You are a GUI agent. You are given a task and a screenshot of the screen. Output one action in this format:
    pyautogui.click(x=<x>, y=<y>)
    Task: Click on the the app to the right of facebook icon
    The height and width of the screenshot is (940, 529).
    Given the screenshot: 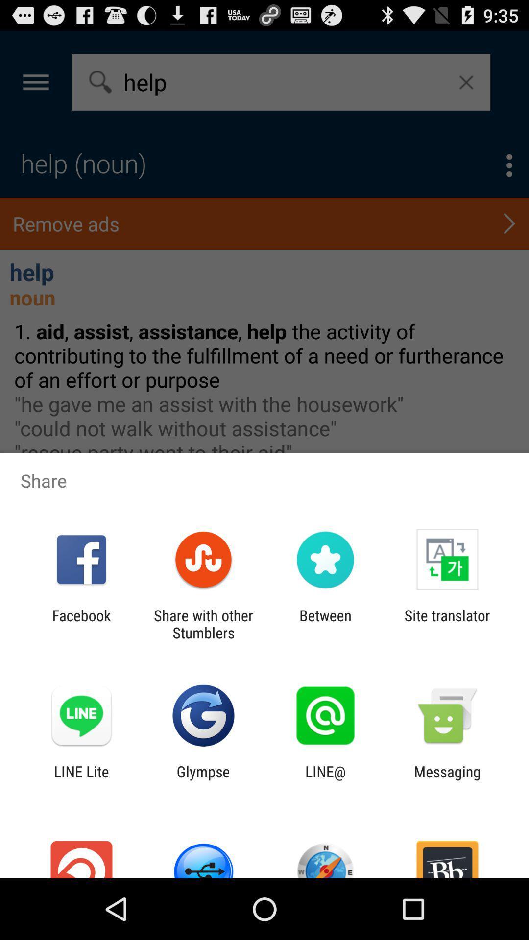 What is the action you would take?
    pyautogui.click(x=203, y=624)
    